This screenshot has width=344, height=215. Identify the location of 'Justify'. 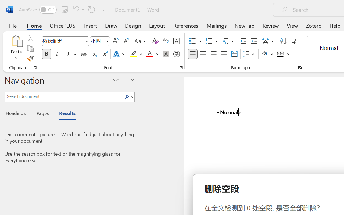
(224, 54).